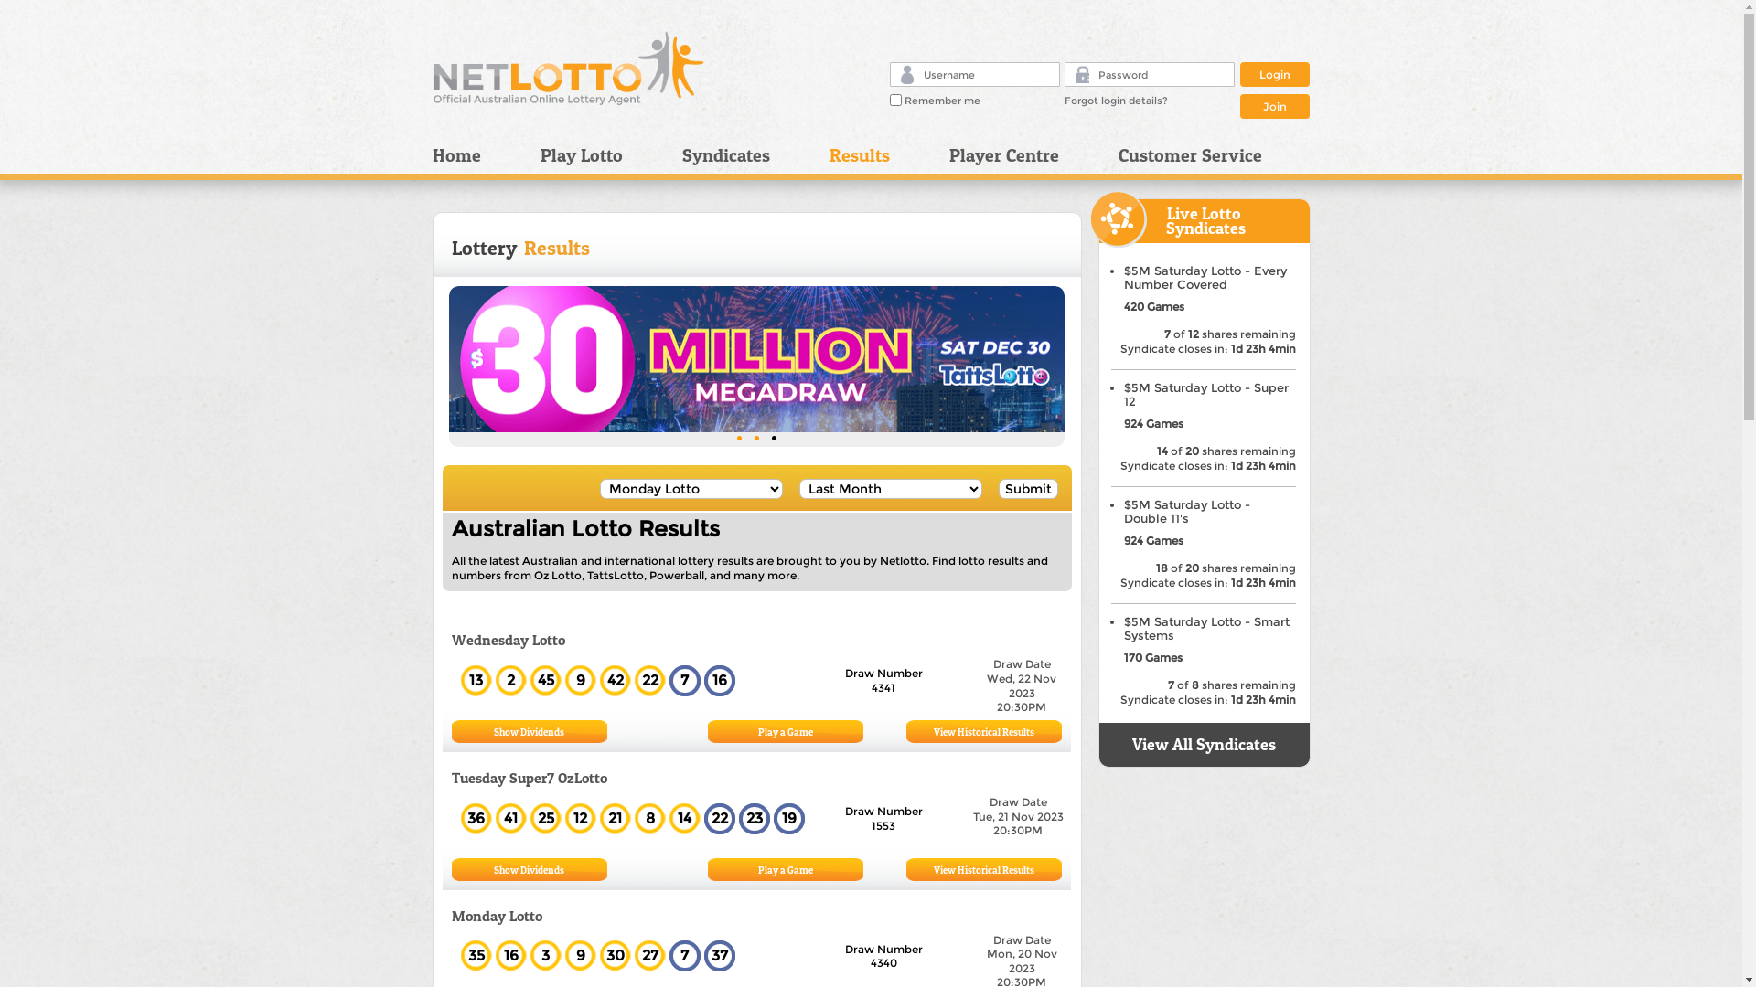  Describe the element at coordinates (493, 730) in the screenshot. I see `'Show Dividends'` at that location.